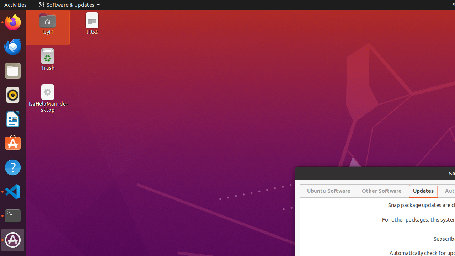 The width and height of the screenshot is (455, 256). I want to click on 'li.txt', so click(91, 31).